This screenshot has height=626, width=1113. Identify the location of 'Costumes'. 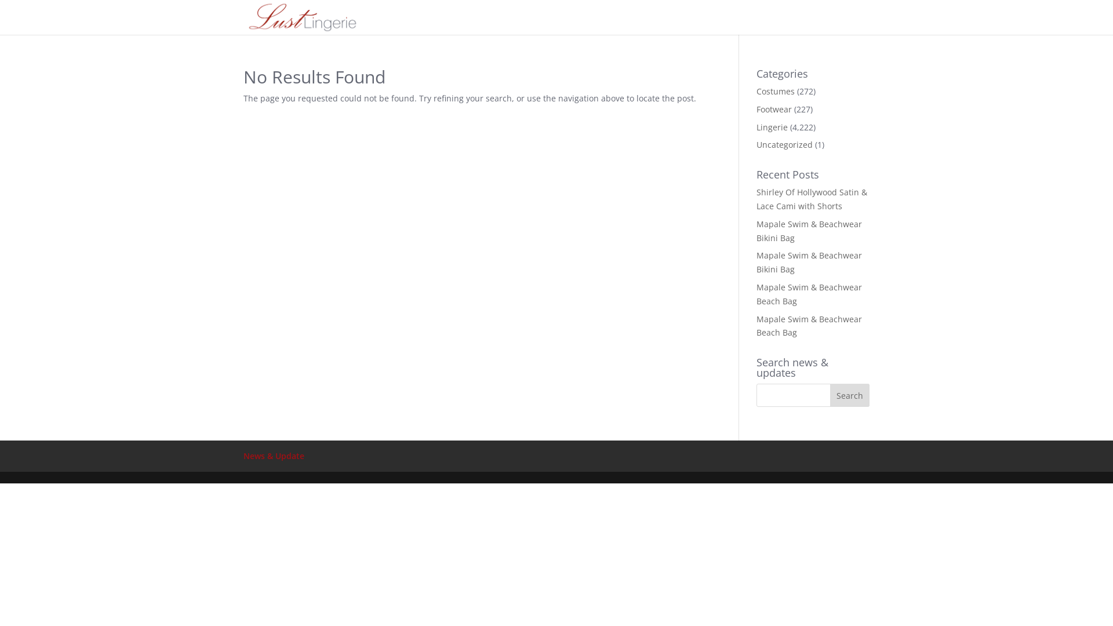
(776, 90).